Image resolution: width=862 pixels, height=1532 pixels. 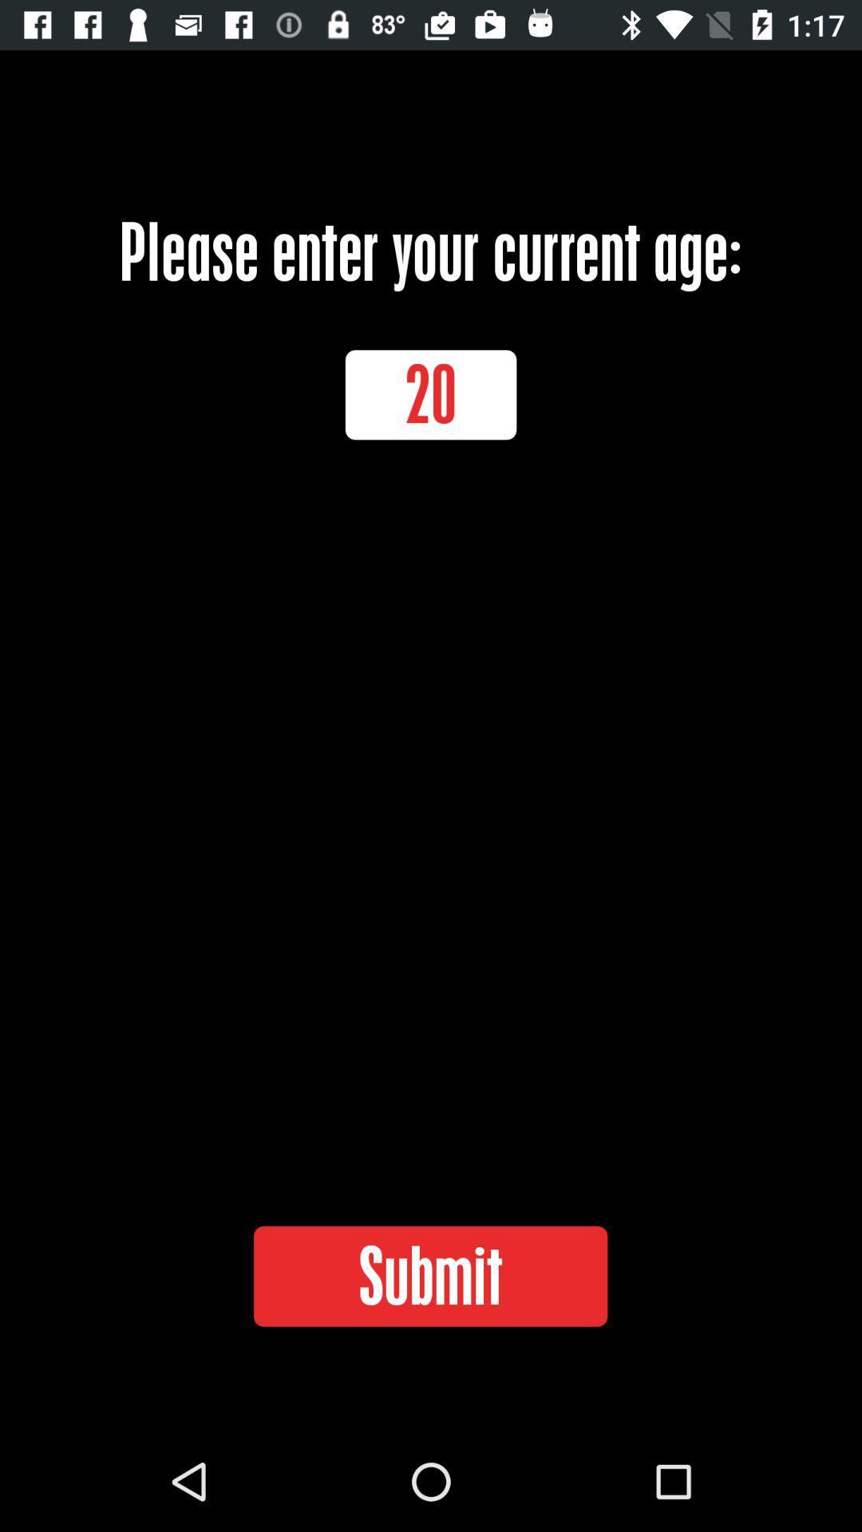 What do you see at coordinates (429, 1275) in the screenshot?
I see `submit item` at bounding box center [429, 1275].